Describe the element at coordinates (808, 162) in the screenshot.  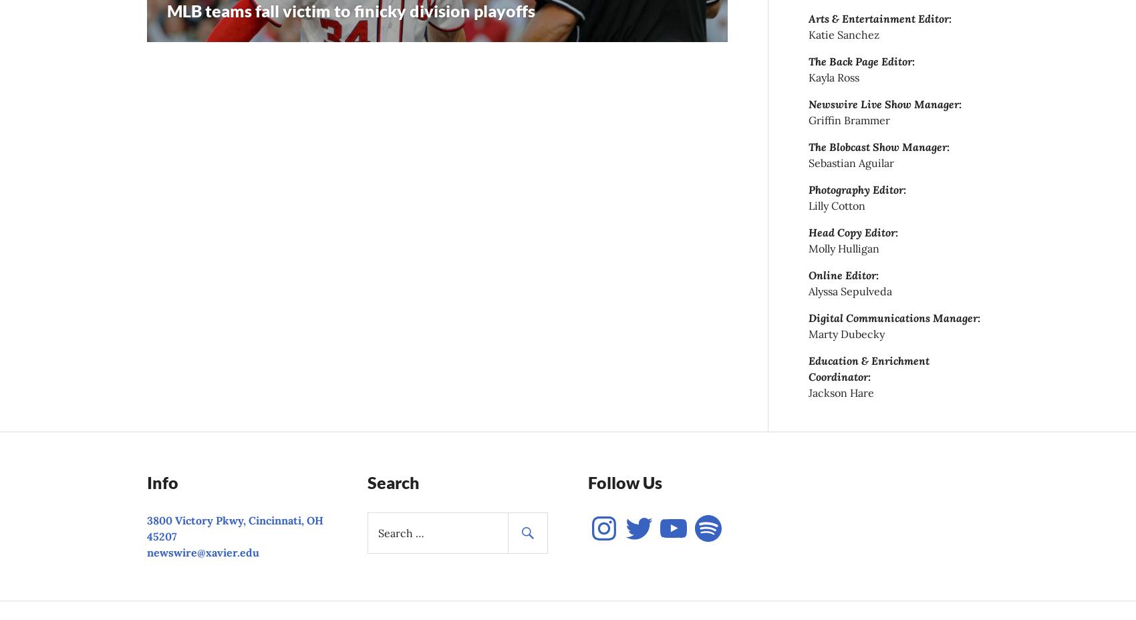
I see `'Sebastian Aguilar'` at that location.